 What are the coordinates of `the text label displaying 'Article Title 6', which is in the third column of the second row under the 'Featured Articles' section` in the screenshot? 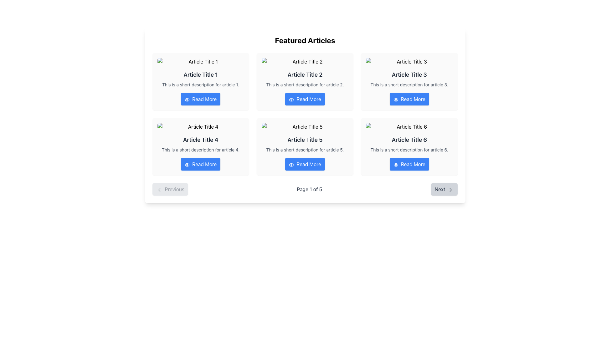 It's located at (409, 140).